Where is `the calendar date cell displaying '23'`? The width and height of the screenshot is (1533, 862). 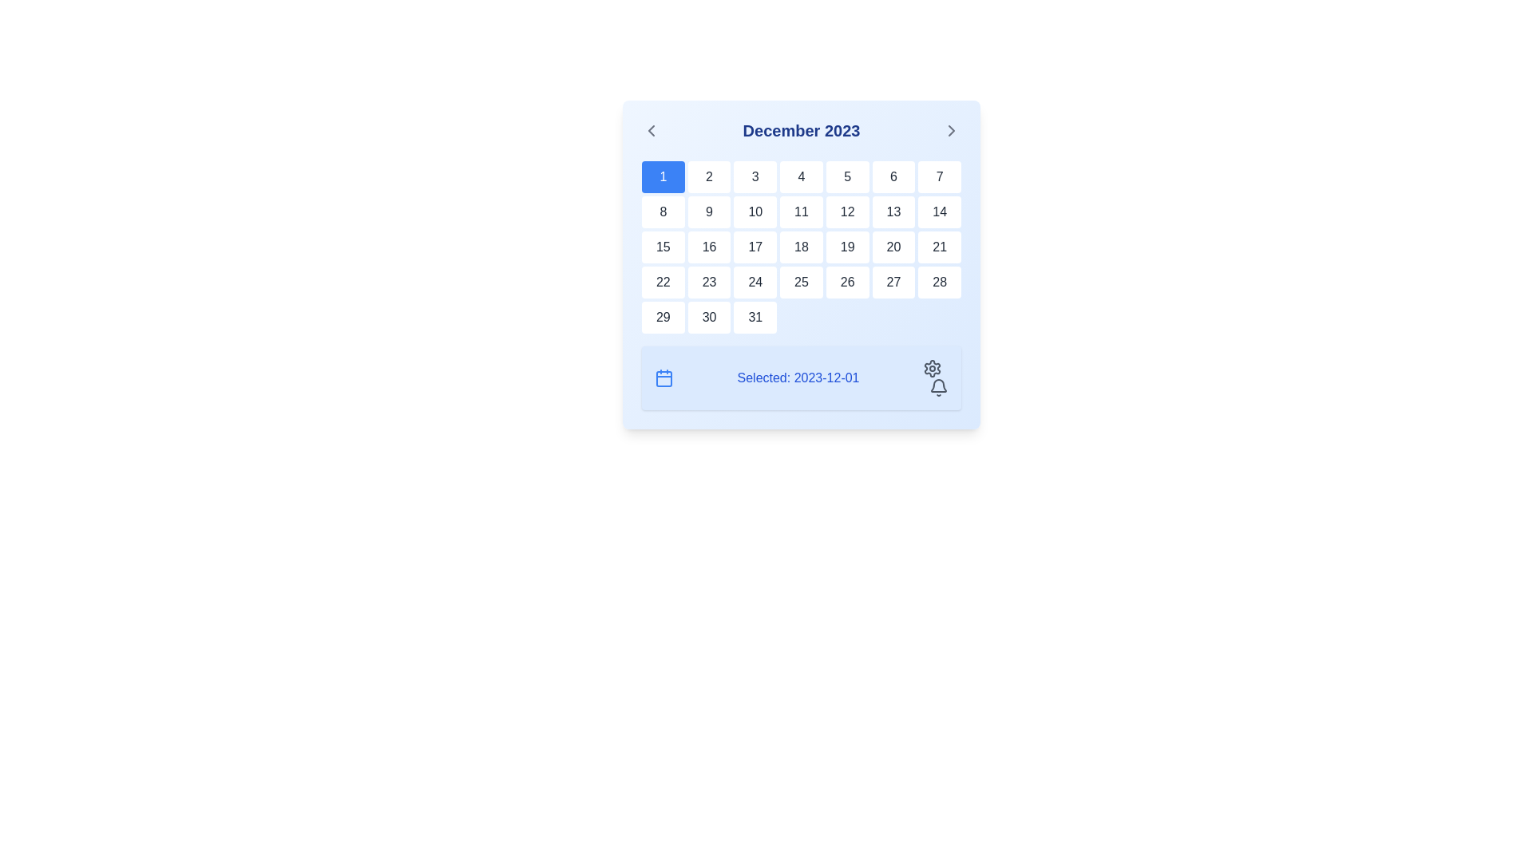 the calendar date cell displaying '23' is located at coordinates (708, 282).